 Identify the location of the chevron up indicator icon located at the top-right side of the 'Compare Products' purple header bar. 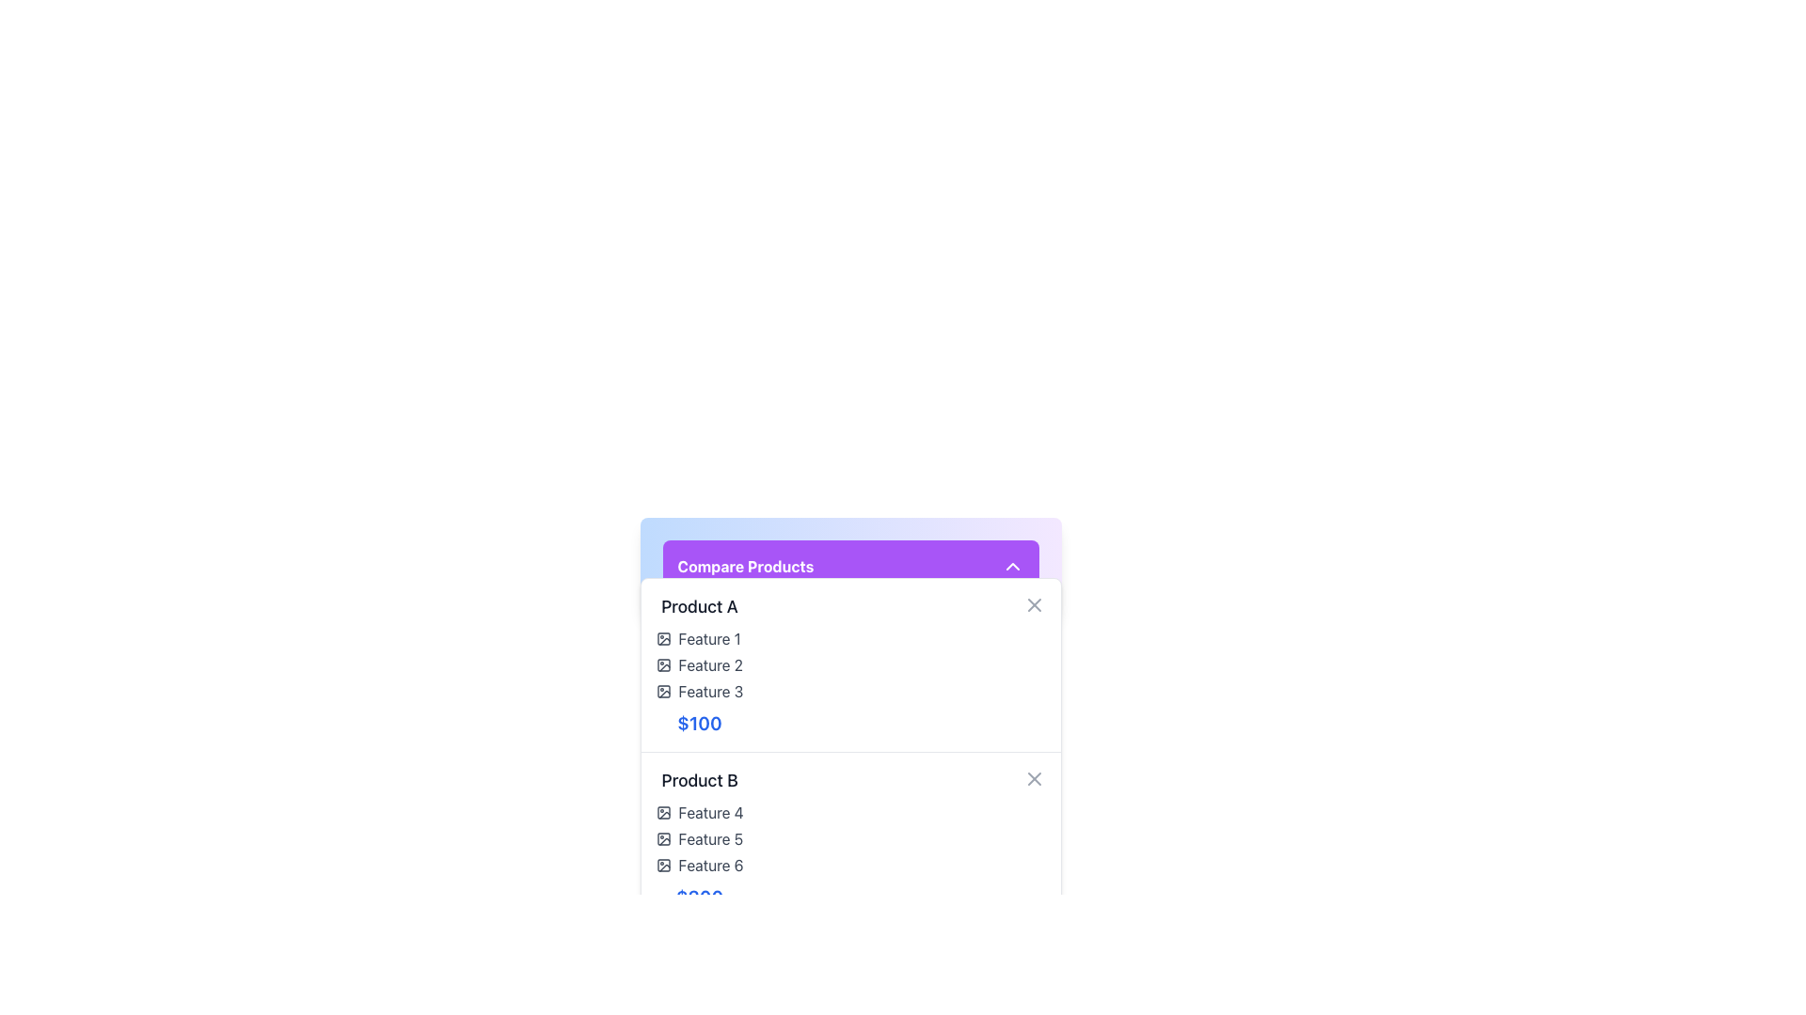
(1011, 565).